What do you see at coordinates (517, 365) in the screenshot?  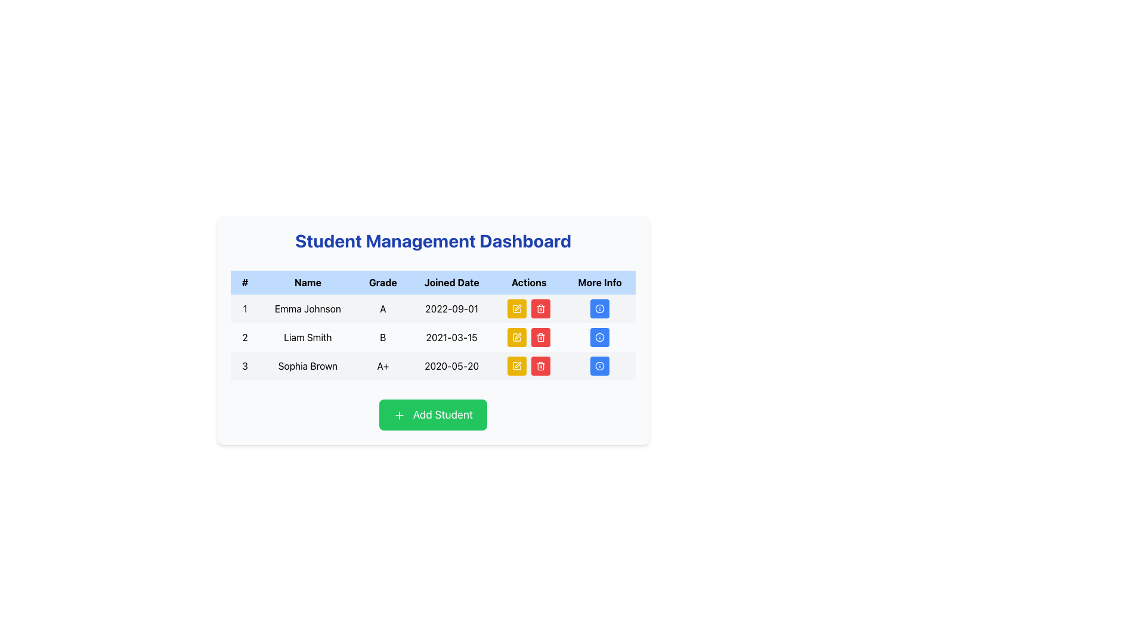 I see `the pen icon button with a yellow background in the Actions column of the third row of the table` at bounding box center [517, 365].